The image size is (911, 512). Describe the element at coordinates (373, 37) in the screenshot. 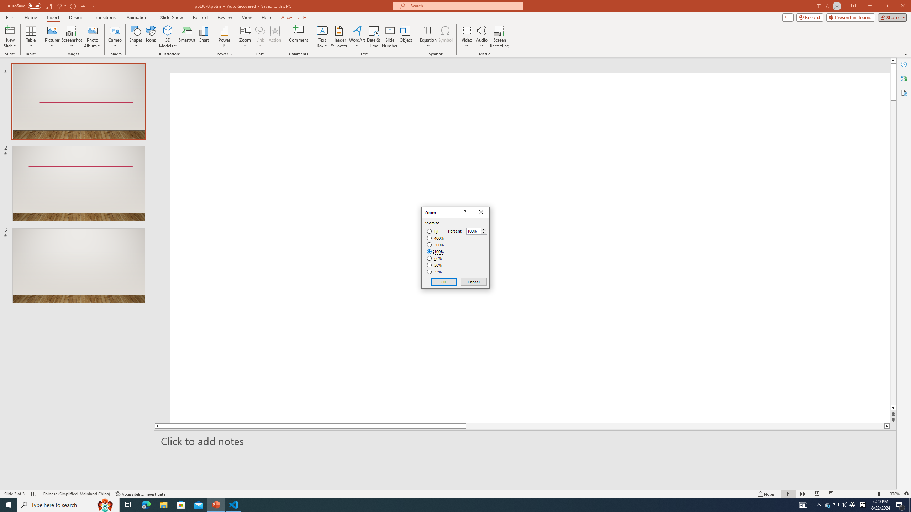

I see `'Date & Time...'` at that location.